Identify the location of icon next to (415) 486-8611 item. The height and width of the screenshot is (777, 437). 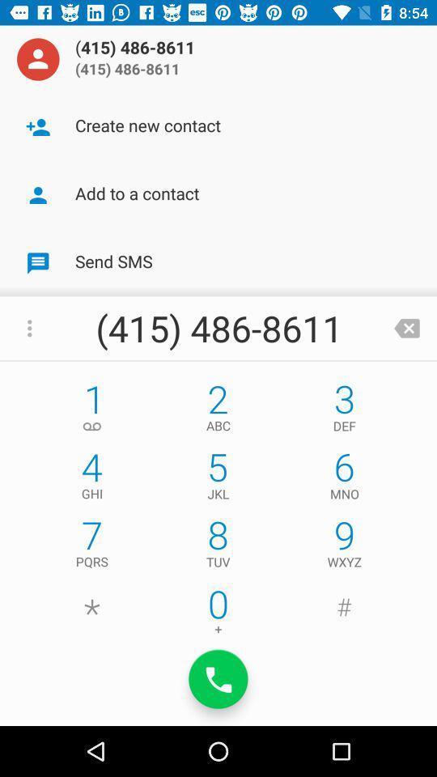
(38, 59).